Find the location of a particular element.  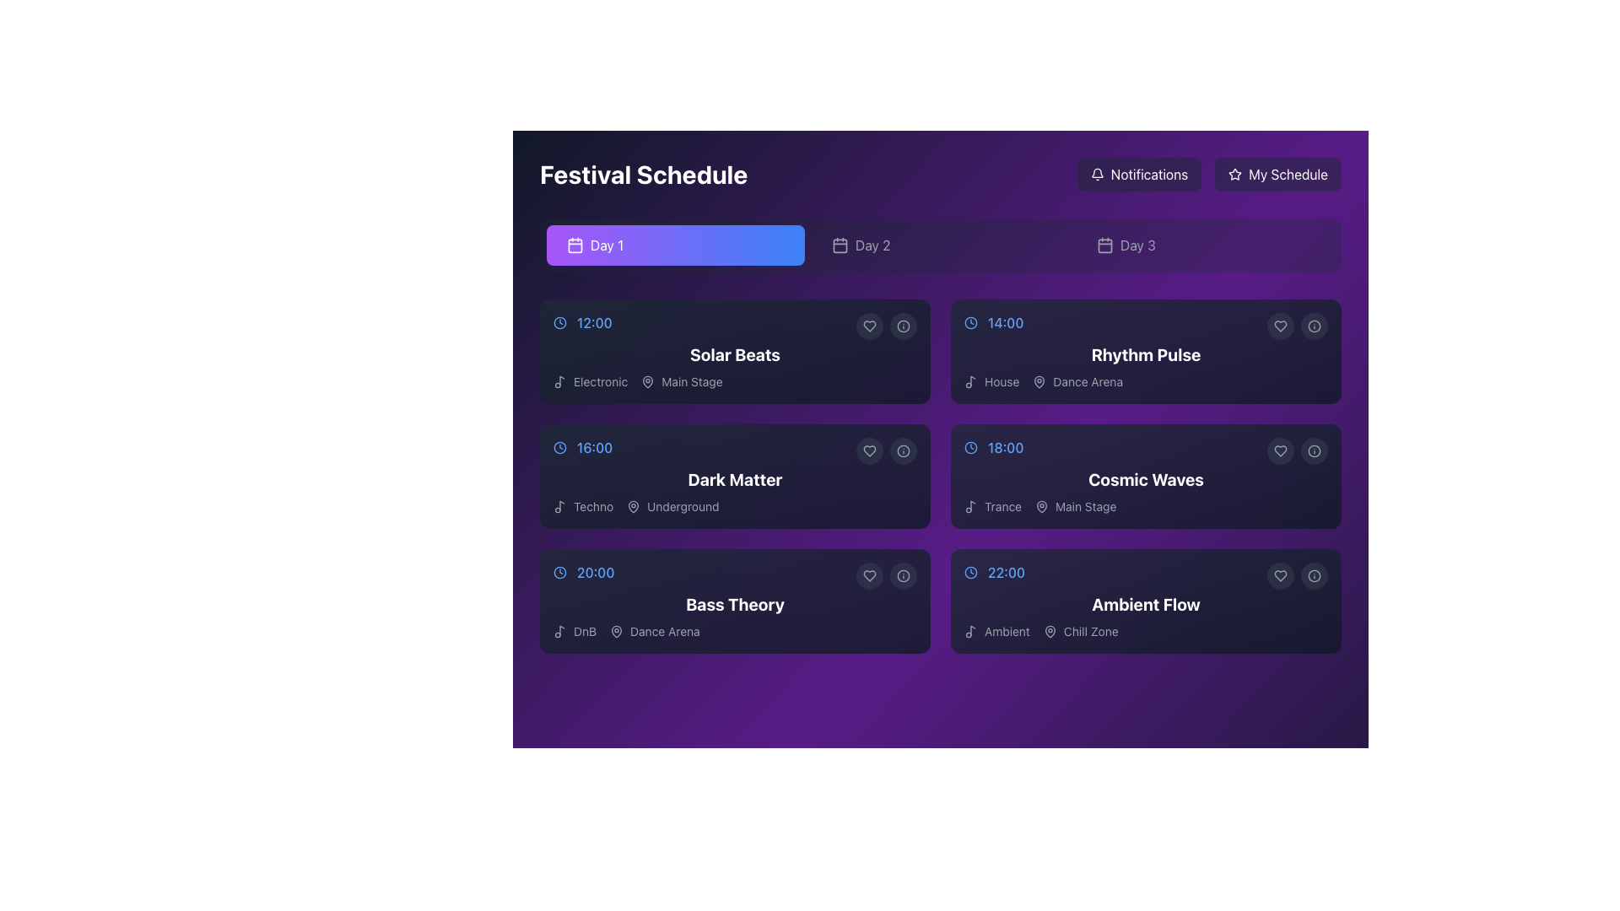

the Favorite button with a heart icon located at the rightmost side of the 'Rhythm Pulse' list item in the schedule for Day 1 is located at coordinates (1280, 326).